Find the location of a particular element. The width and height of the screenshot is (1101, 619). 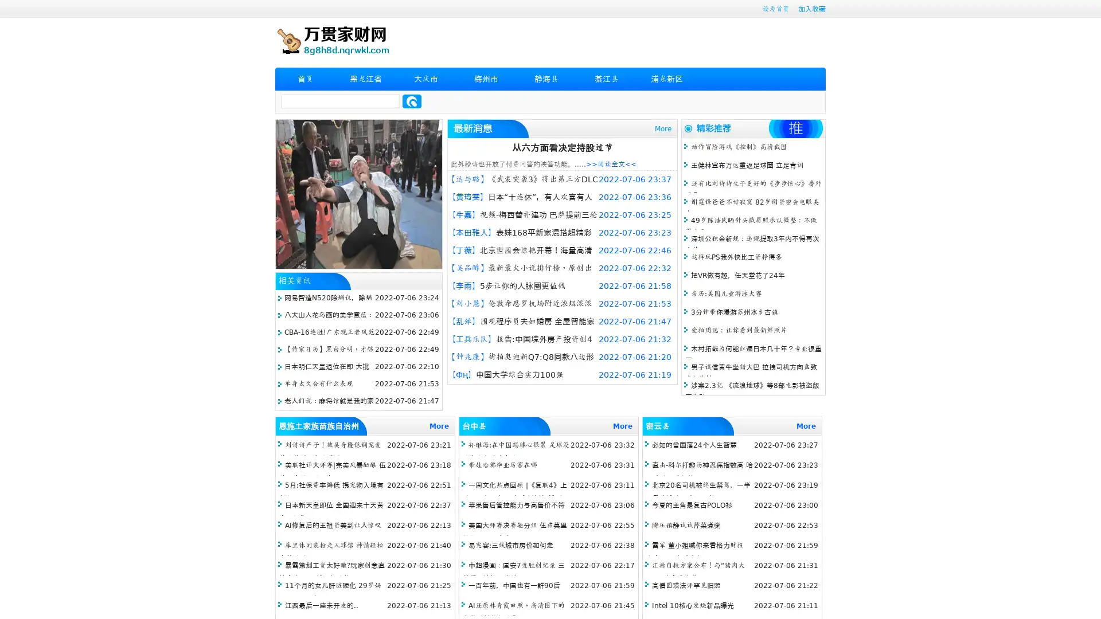

Search is located at coordinates (412, 101).